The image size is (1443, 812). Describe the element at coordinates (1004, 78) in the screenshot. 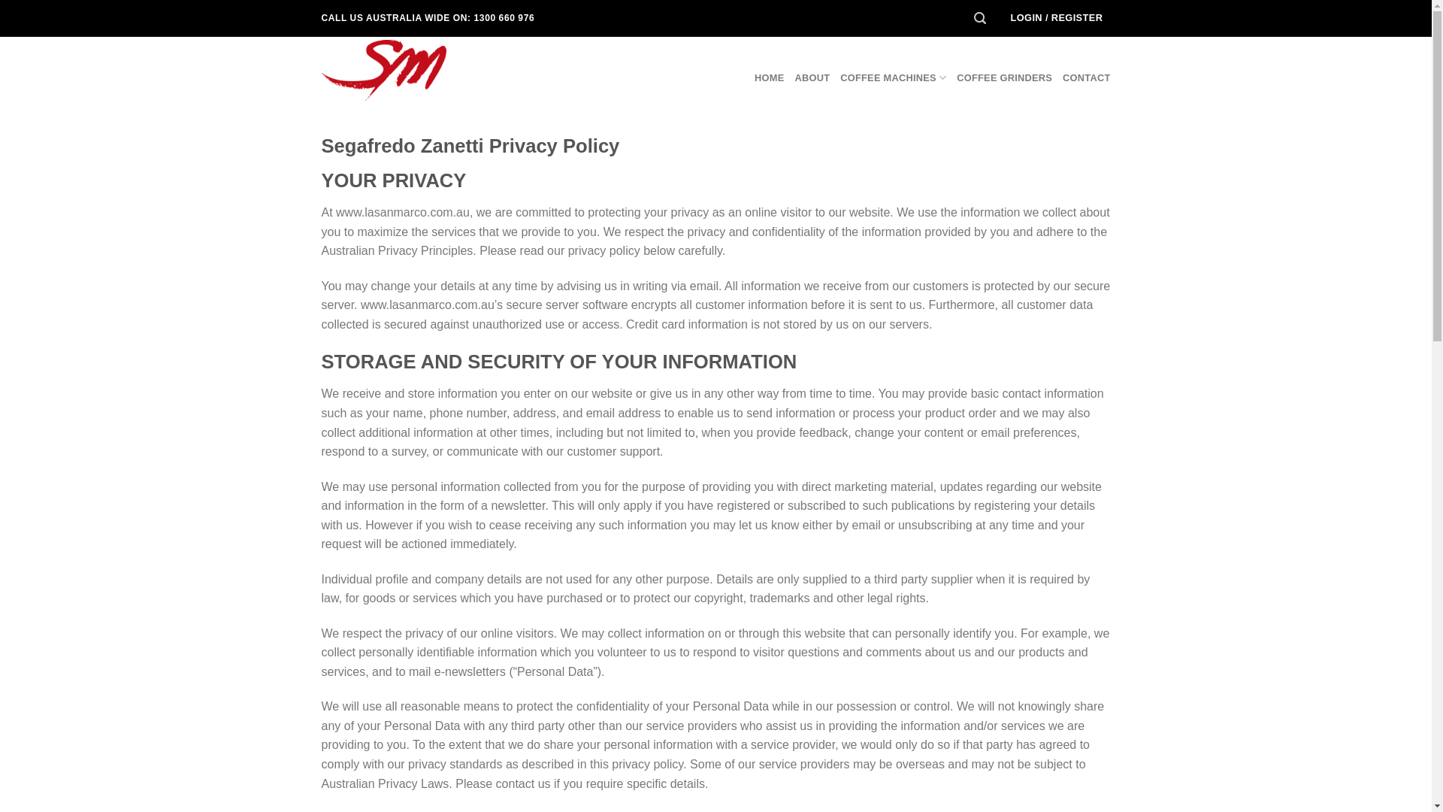

I see `'COFFEE GRINDERS'` at that location.